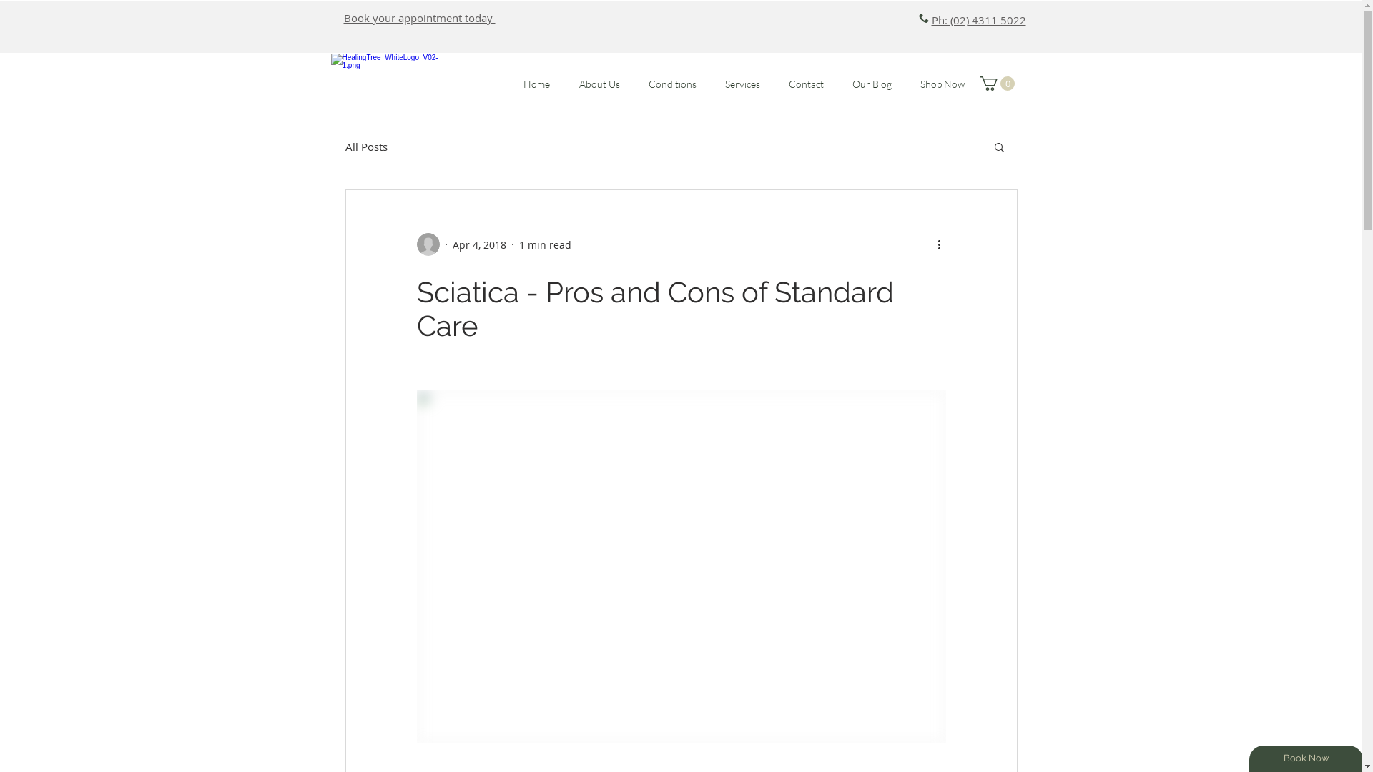 The image size is (1373, 772). I want to click on 'Home', so click(536, 84).